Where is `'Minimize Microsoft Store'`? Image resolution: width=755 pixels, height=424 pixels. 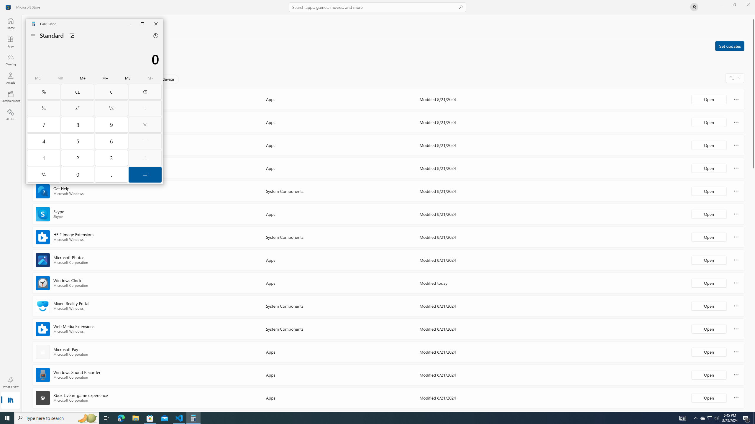 'Minimize Microsoft Store' is located at coordinates (720, 4).